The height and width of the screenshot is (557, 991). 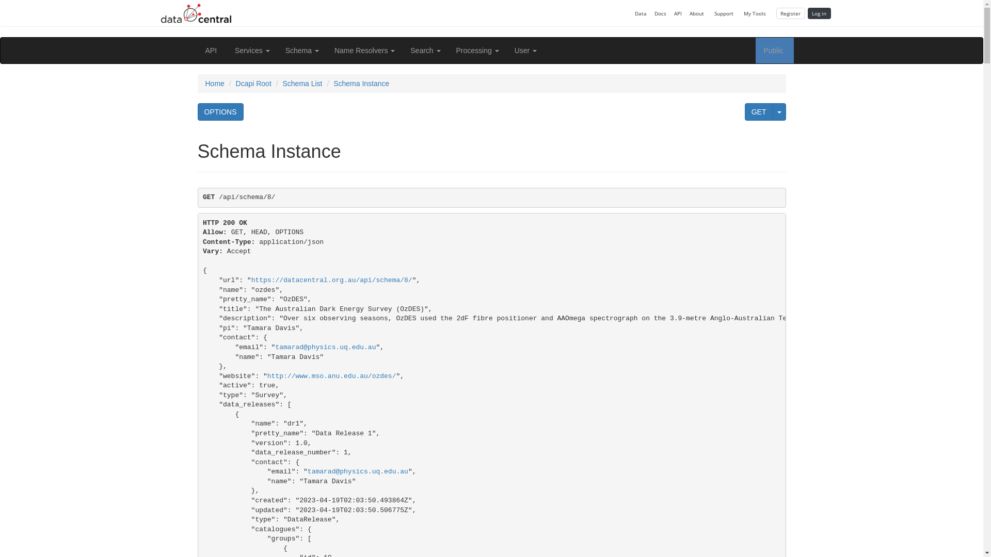 I want to click on 'GET', so click(x=745, y=111).